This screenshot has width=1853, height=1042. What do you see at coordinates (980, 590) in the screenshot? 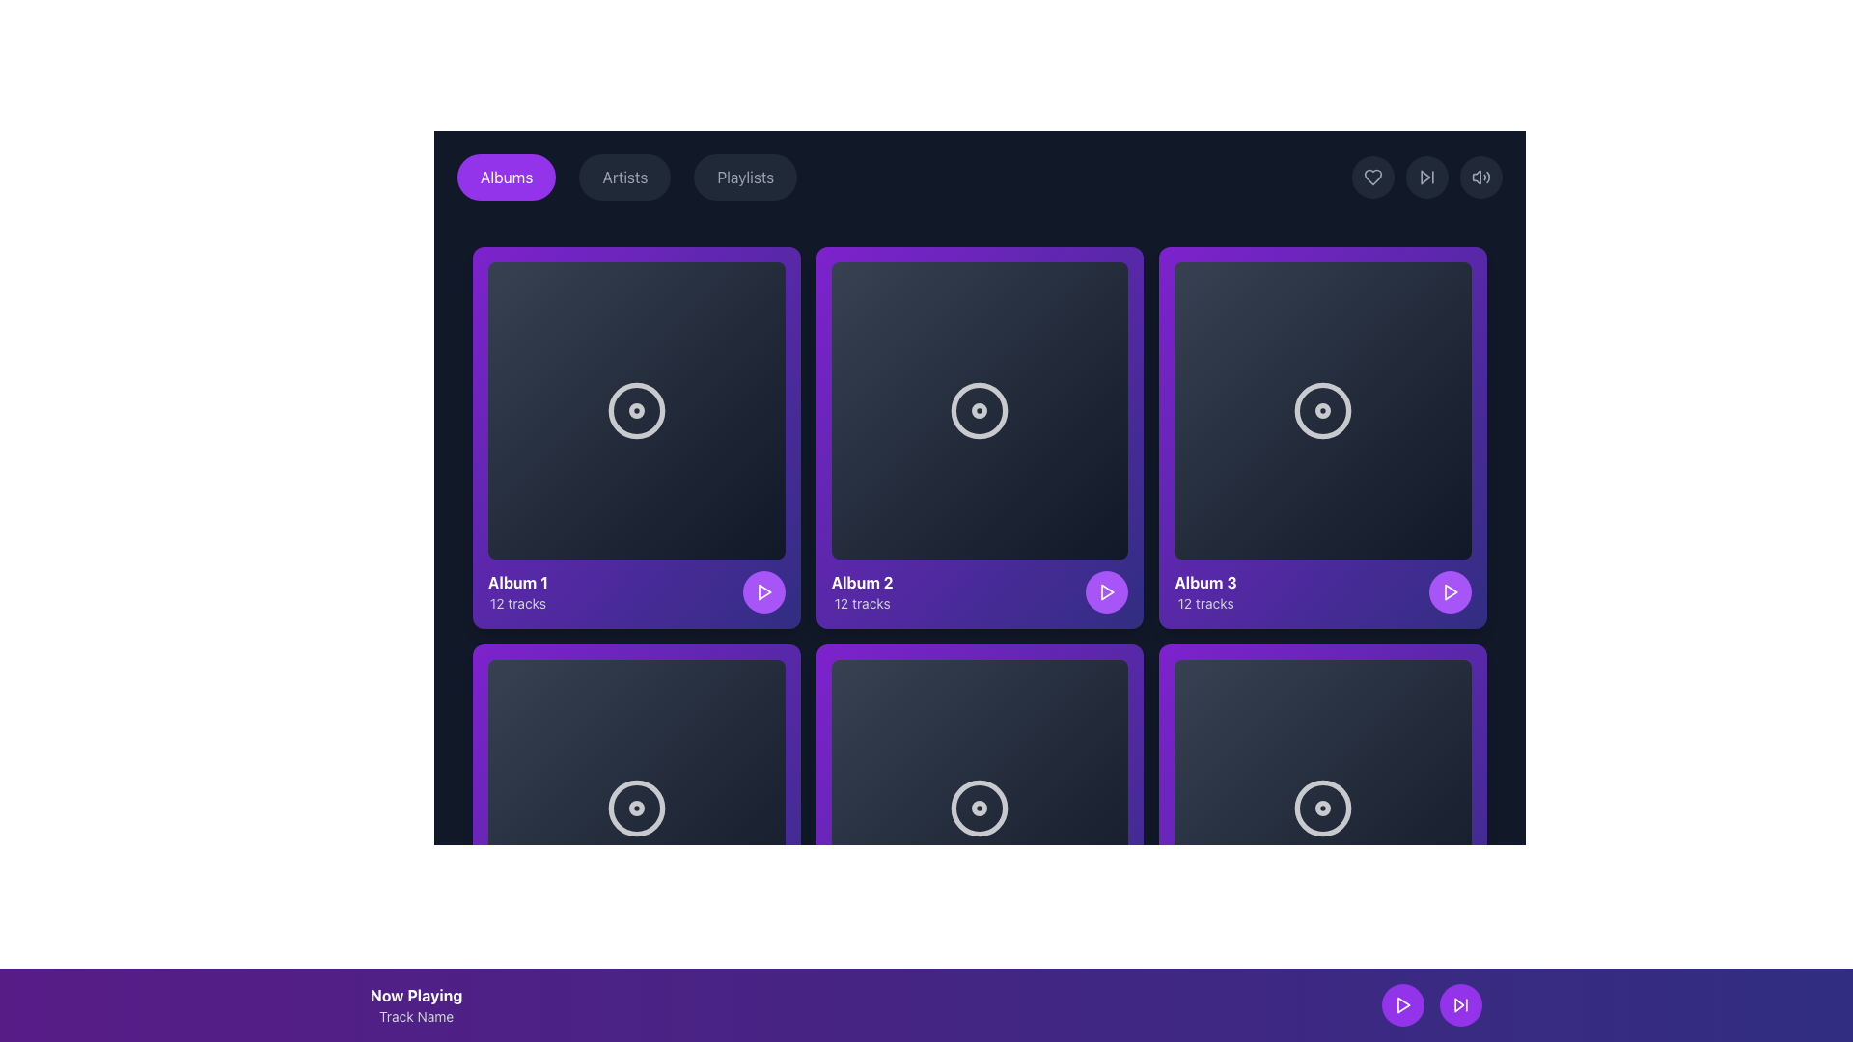
I see `the title 'Album 2'` at bounding box center [980, 590].